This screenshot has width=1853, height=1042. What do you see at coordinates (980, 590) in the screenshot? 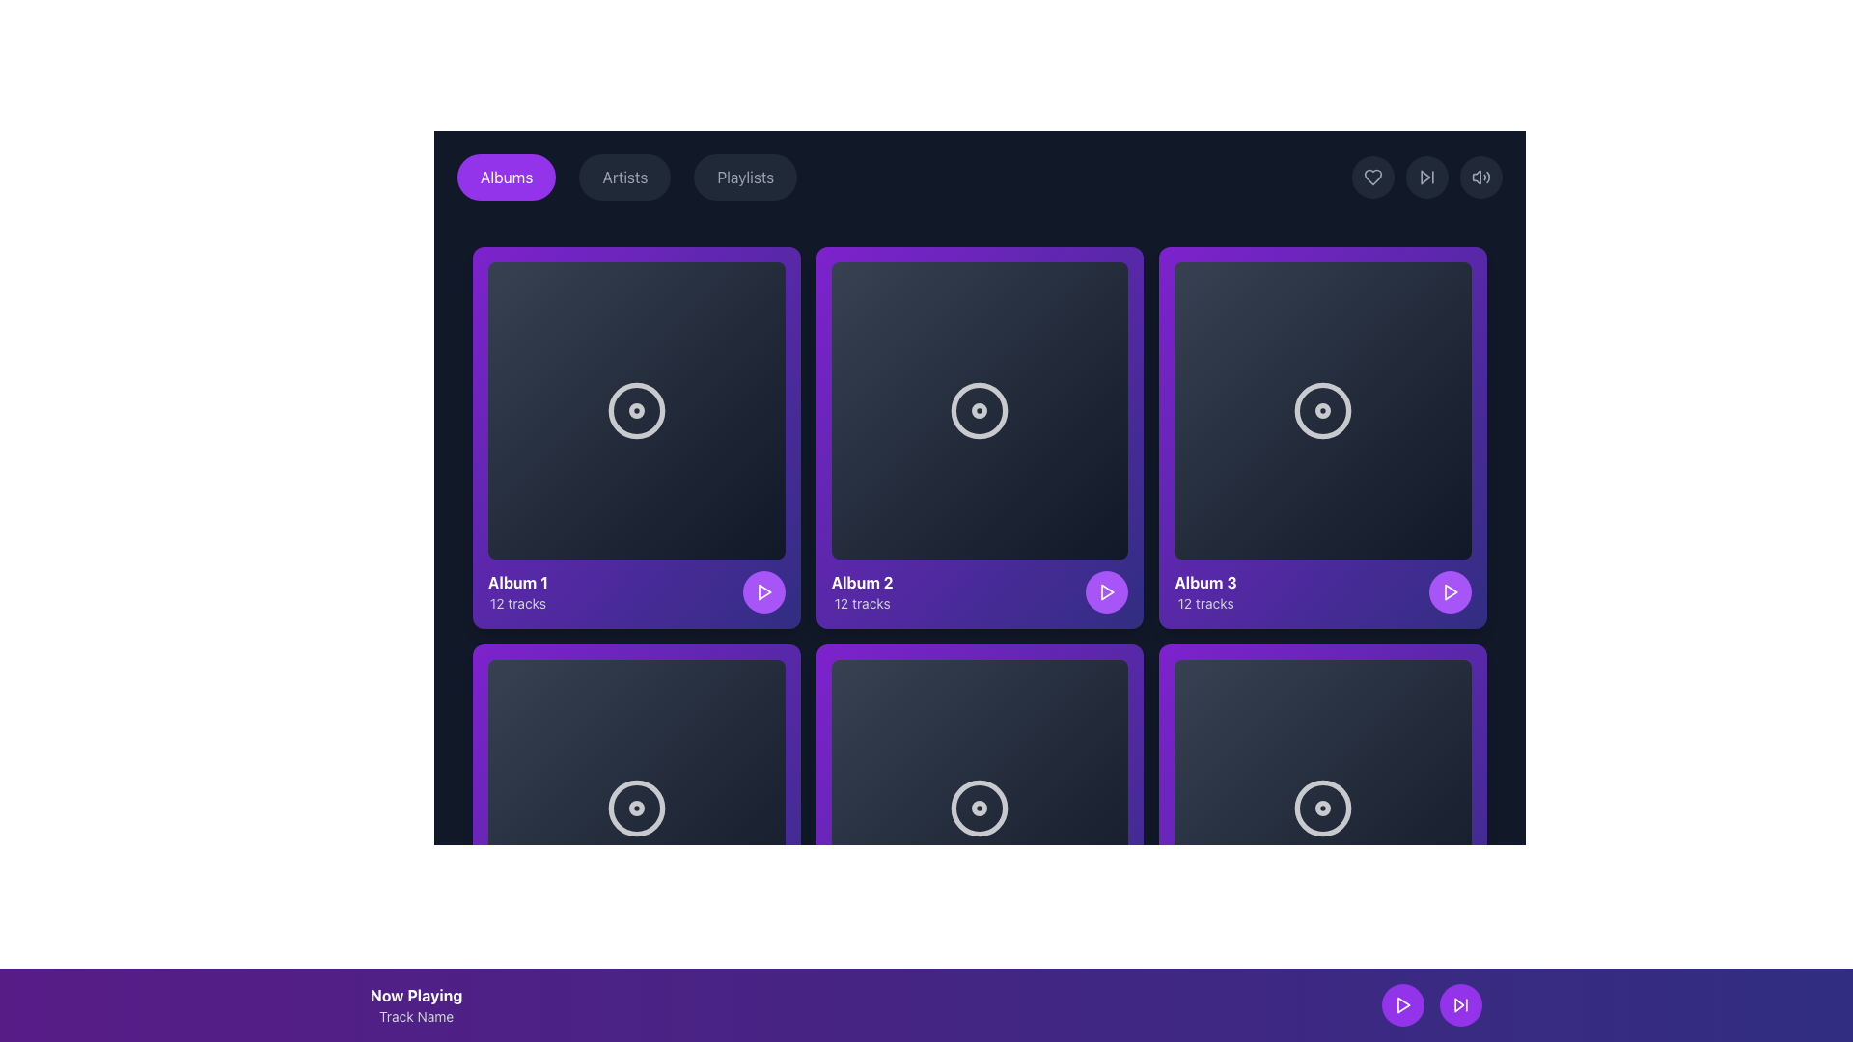
I see `the title 'Album 2'` at bounding box center [980, 590].